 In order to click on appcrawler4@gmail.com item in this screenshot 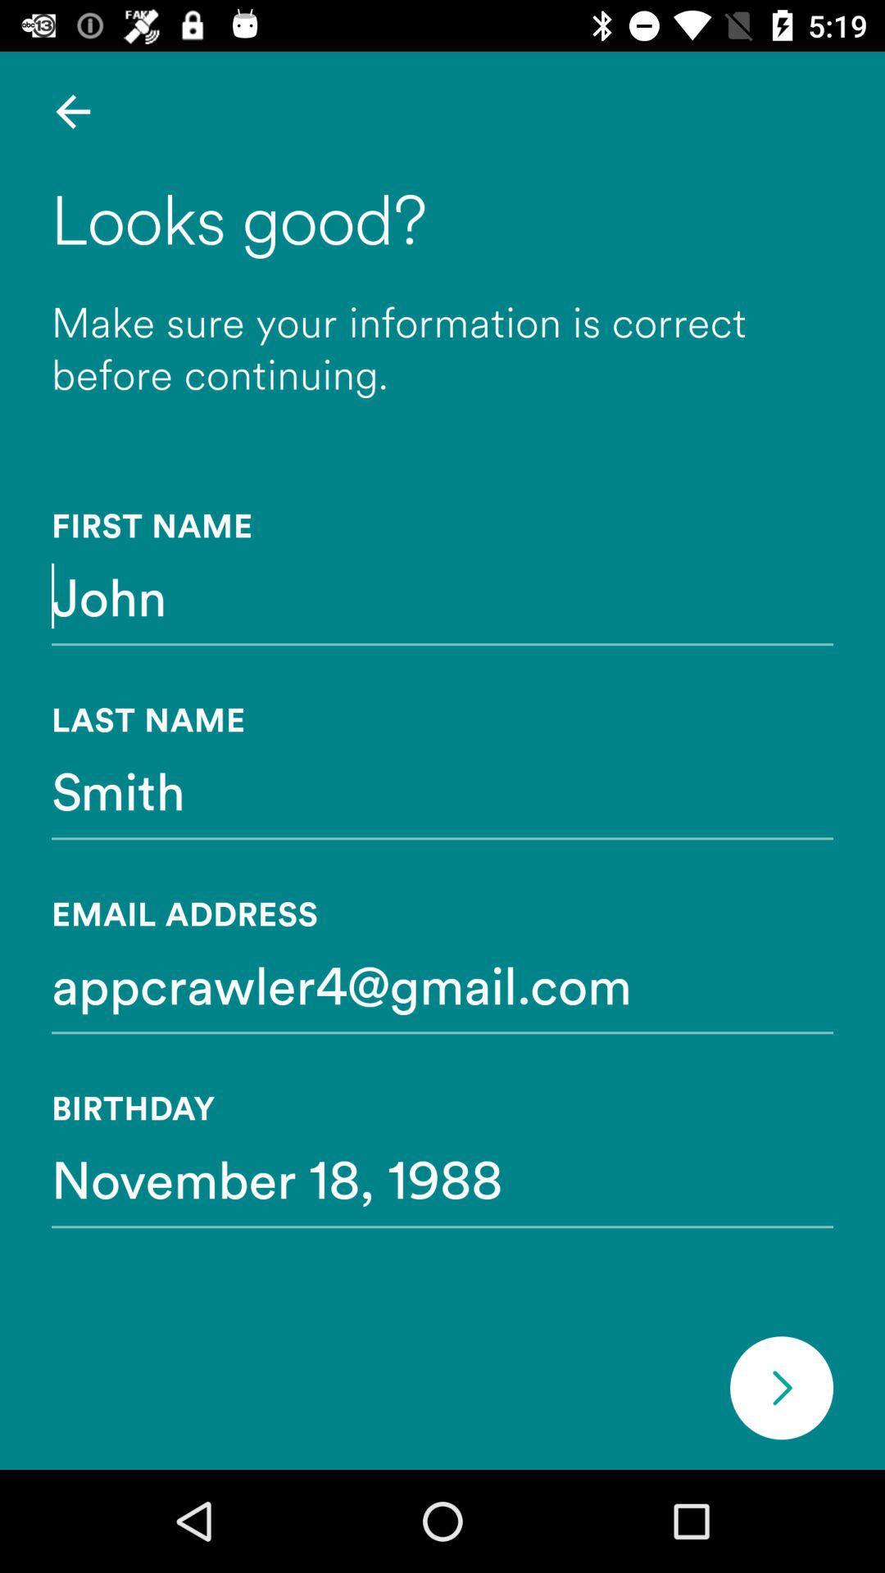, I will do `click(442, 983)`.